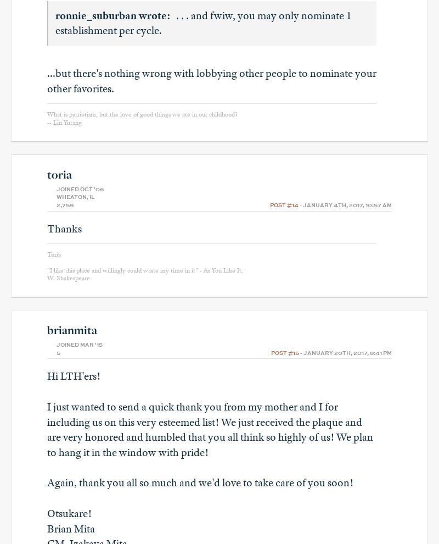 The image size is (439, 544). What do you see at coordinates (144, 270) in the screenshot?
I see `'"I like this place and willingly could waste my time in it" - As You Like It,'` at bounding box center [144, 270].